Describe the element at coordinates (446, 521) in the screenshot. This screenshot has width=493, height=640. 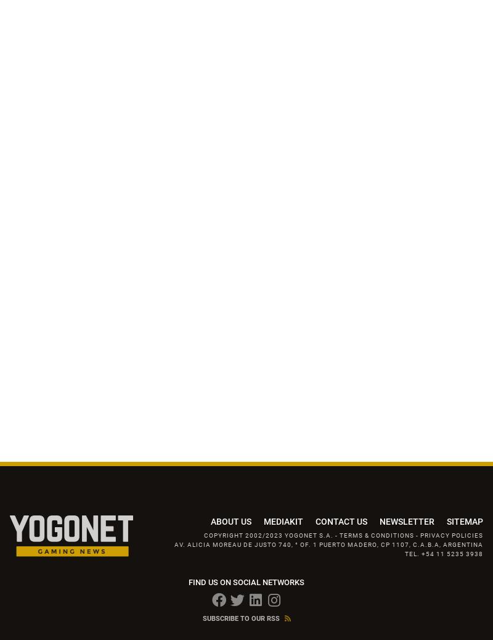
I see `'SITEMAP'` at that location.